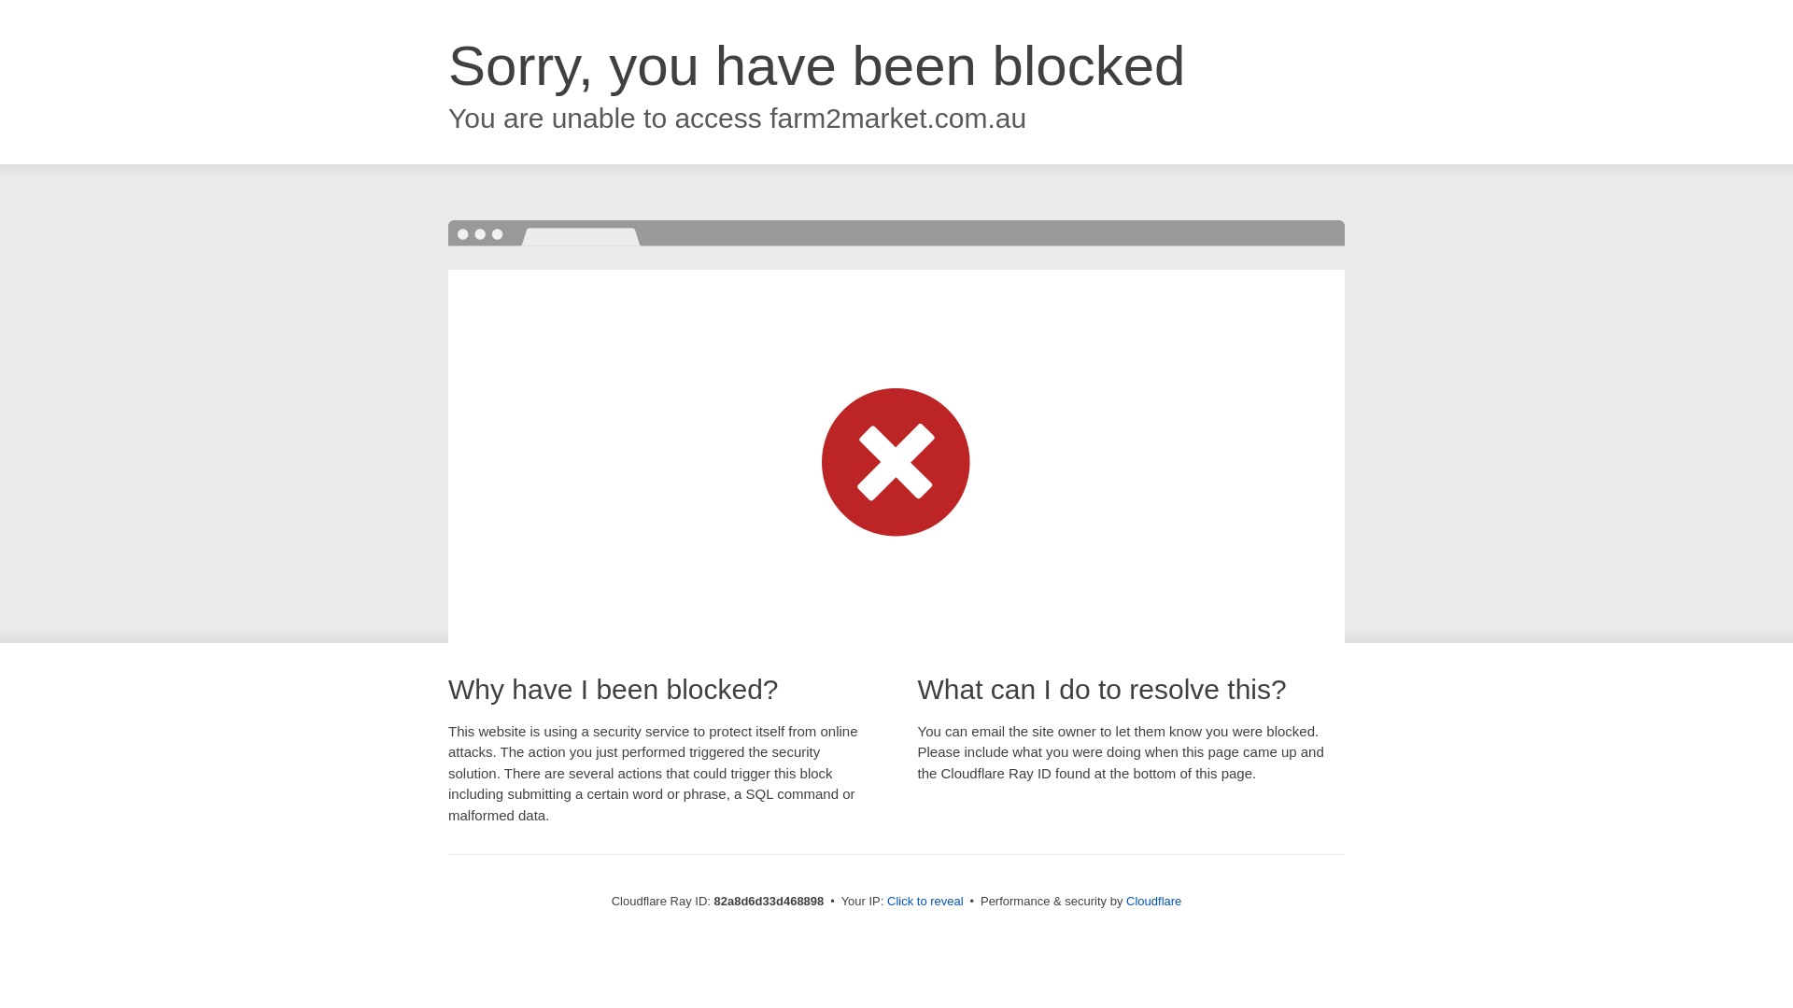  What do you see at coordinates (925, 900) in the screenshot?
I see `'Click to reveal'` at bounding box center [925, 900].